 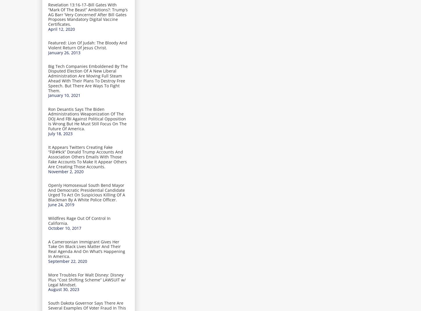 I want to click on 'November 2, 2020', so click(x=48, y=171).